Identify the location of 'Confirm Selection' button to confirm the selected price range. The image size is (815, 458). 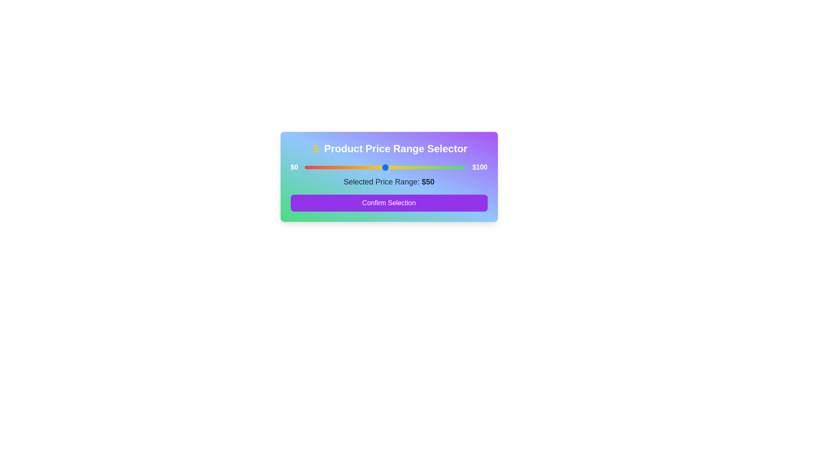
(388, 203).